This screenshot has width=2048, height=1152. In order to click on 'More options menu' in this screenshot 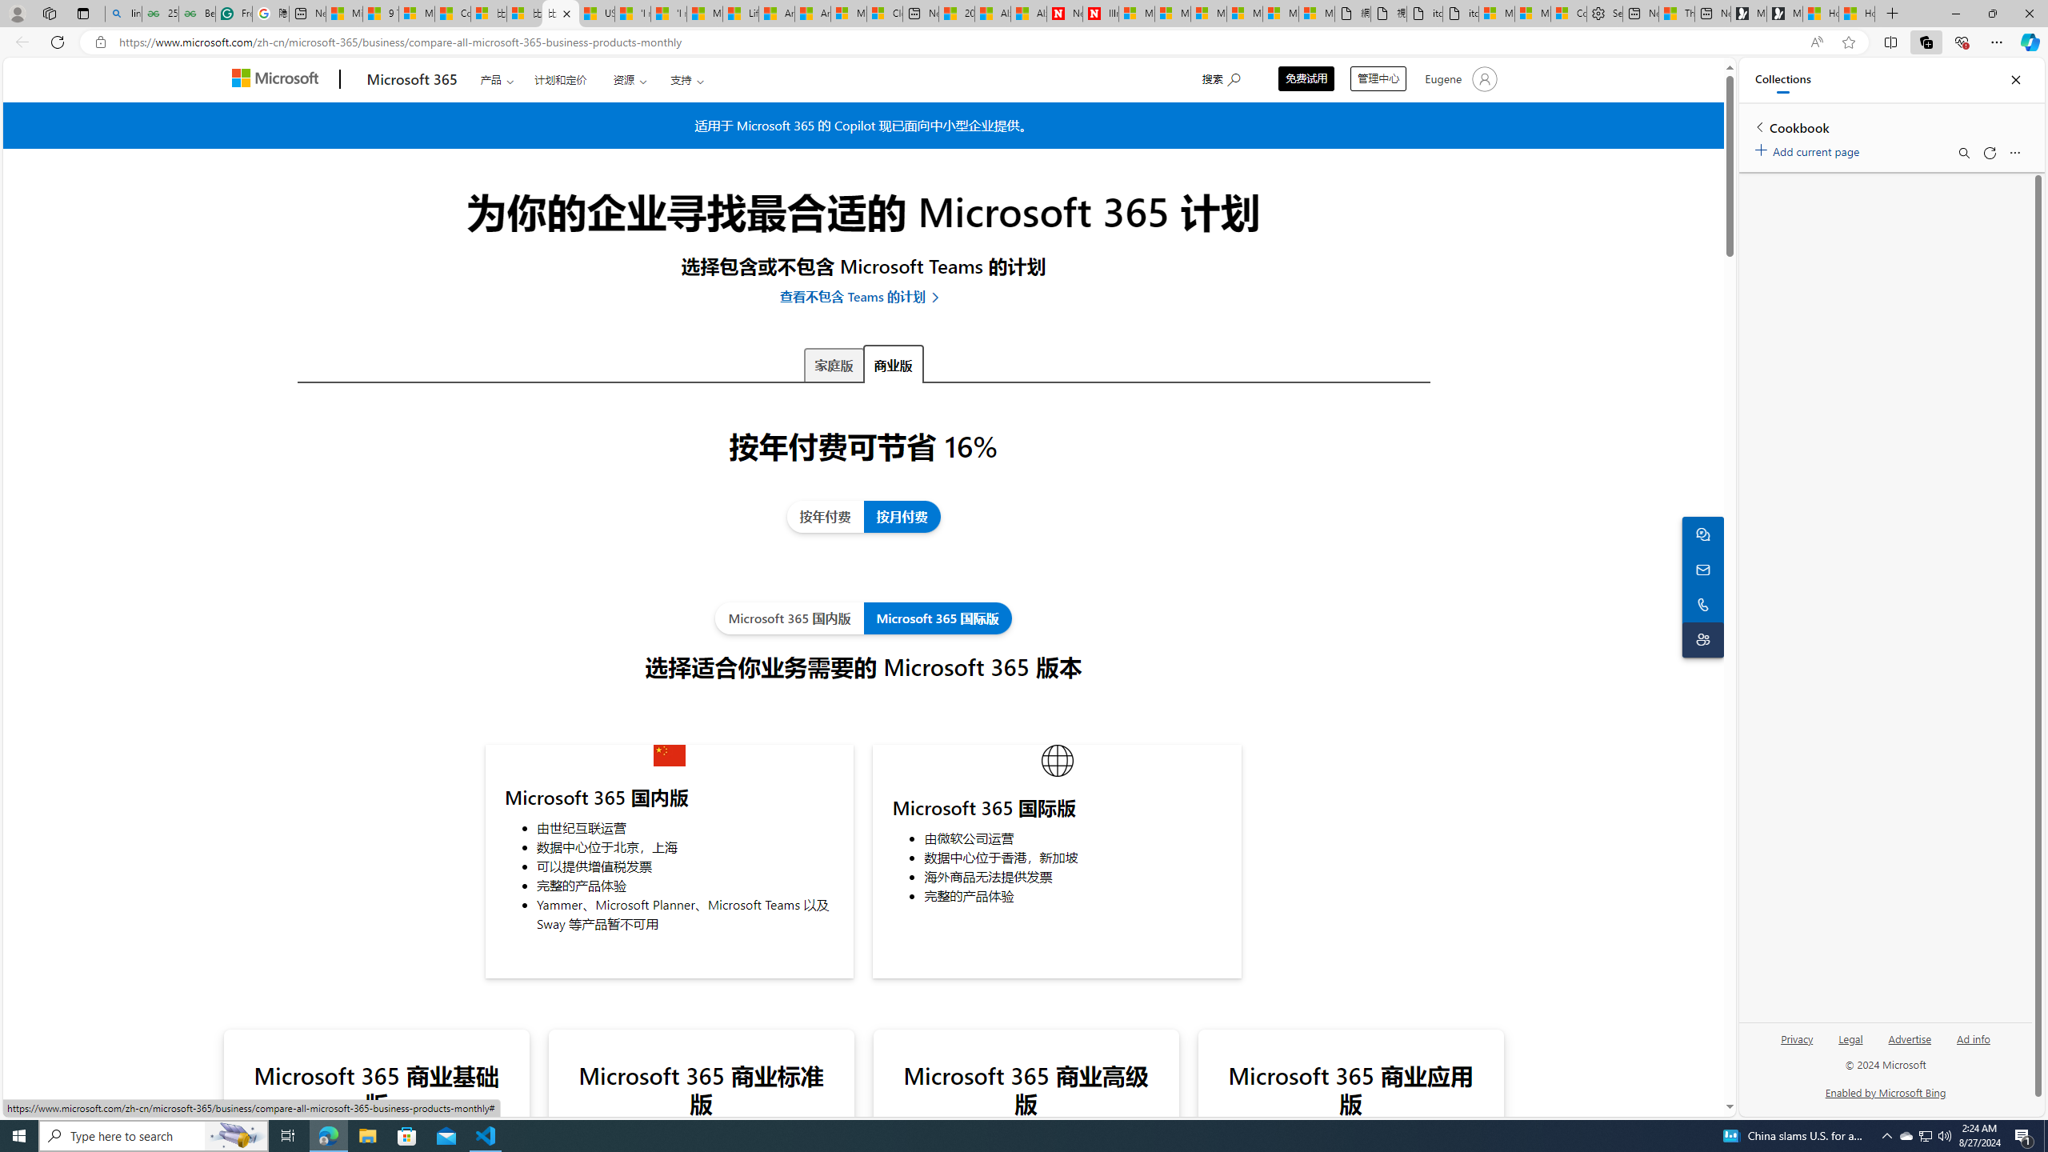, I will do `click(2015, 153)`.